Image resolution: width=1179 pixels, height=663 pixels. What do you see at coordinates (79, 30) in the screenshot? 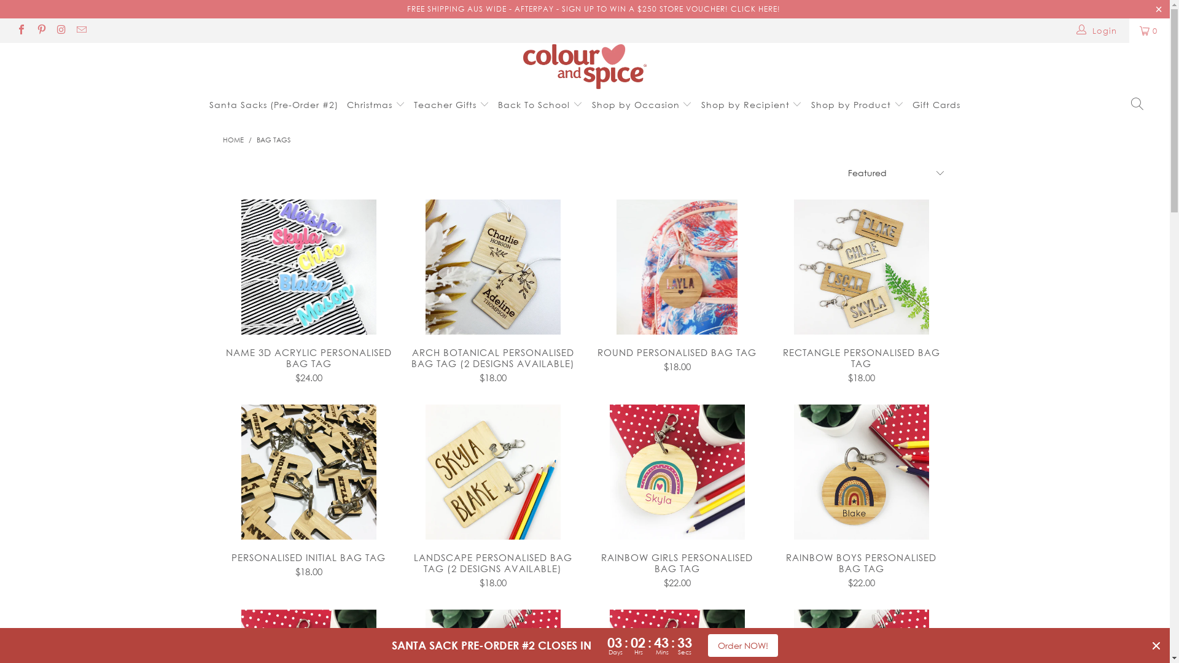
I see `'Email Colour and Spice Pty Ltd'` at bounding box center [79, 30].